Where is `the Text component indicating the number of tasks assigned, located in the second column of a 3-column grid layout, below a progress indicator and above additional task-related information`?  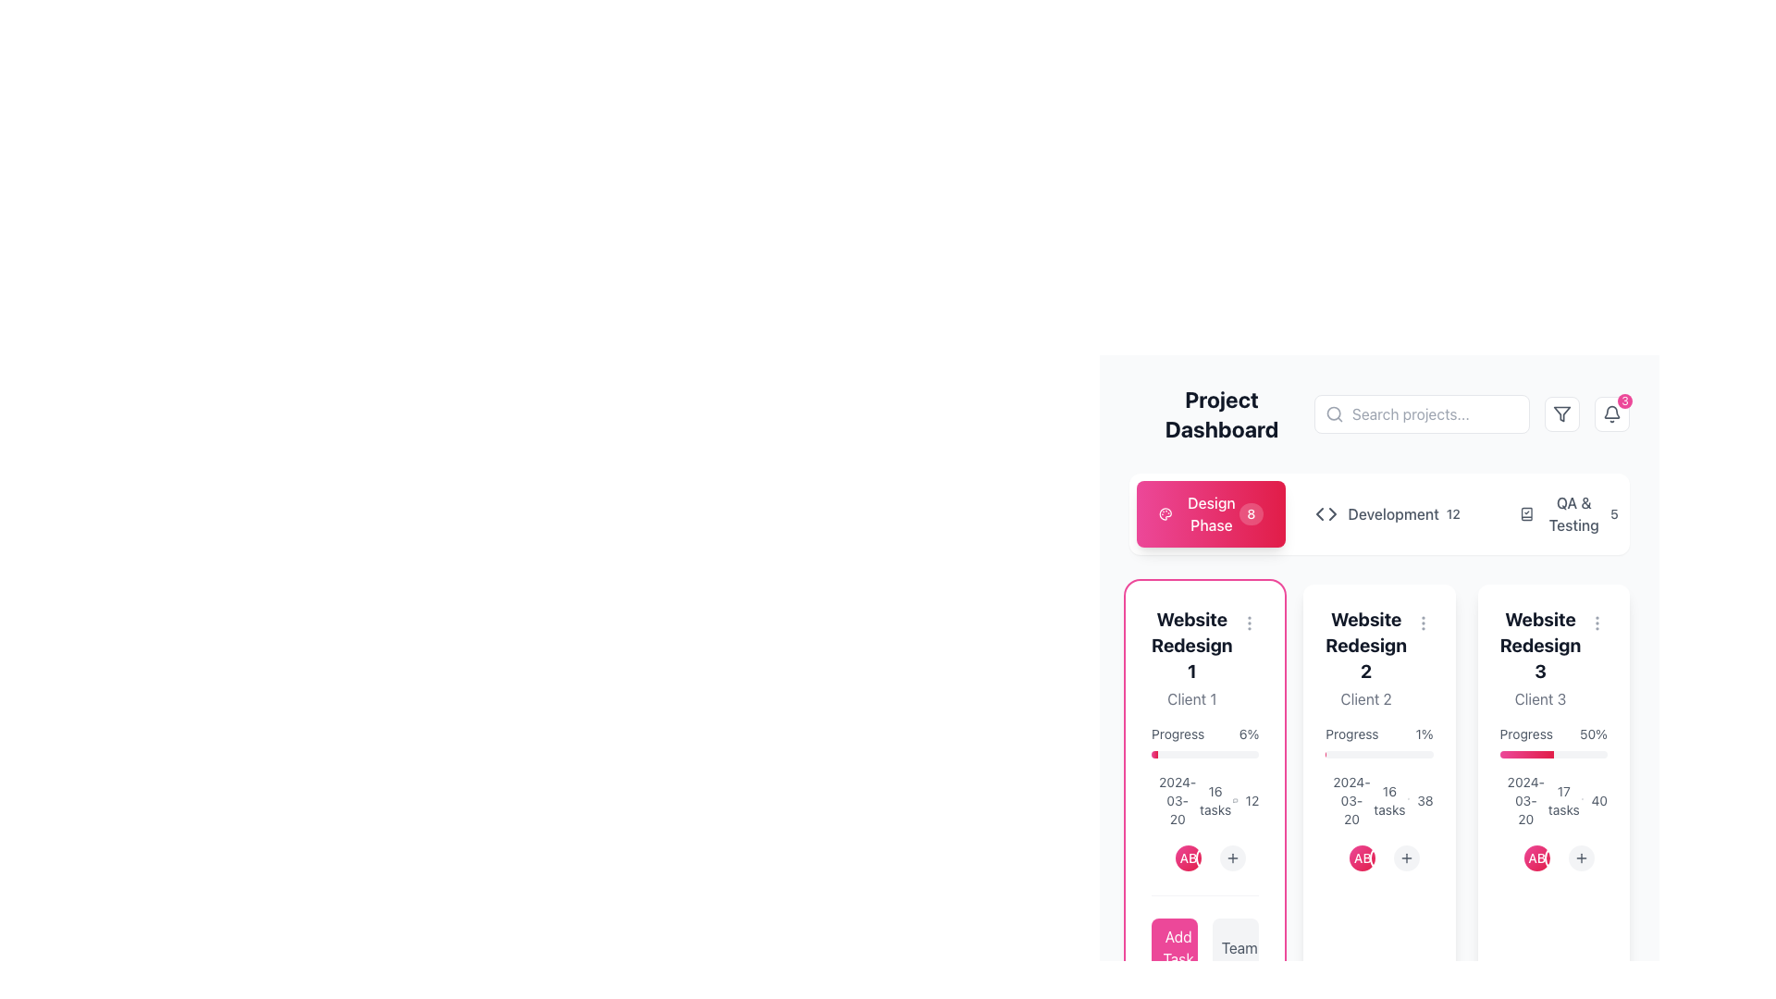 the Text component indicating the number of tasks assigned, located in the second column of a 3-column grid layout, below a progress indicator and above additional task-related information is located at coordinates (1379, 800).